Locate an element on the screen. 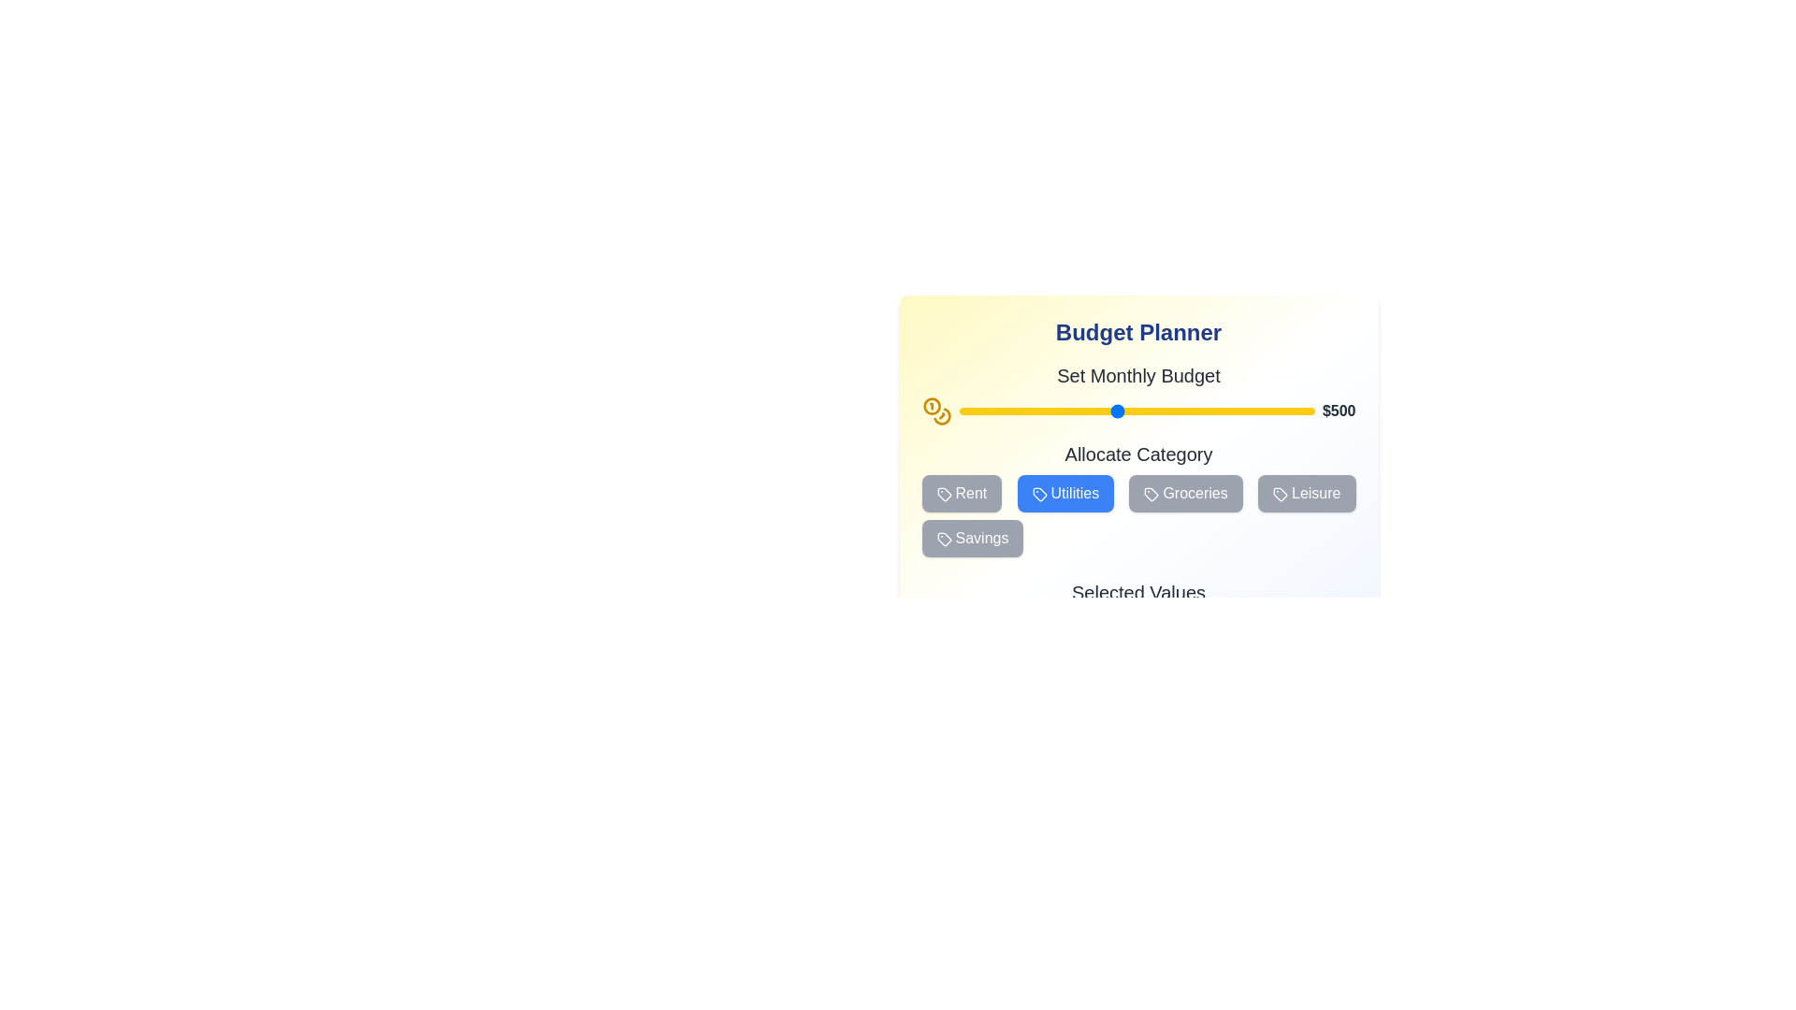 Image resolution: width=1796 pixels, height=1010 pixels. the icon representing the 'Savings' category, located to the left of the 'Savings' text within the button group under 'Allocate Category' is located at coordinates (944, 539).